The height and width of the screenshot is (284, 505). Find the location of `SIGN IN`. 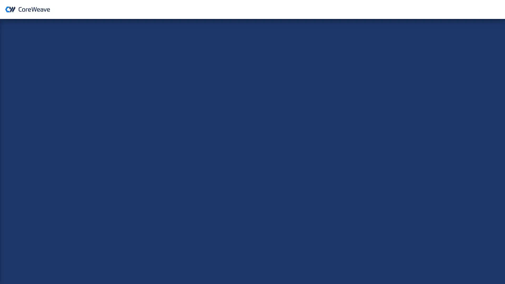

SIGN IN is located at coordinates (252, 130).